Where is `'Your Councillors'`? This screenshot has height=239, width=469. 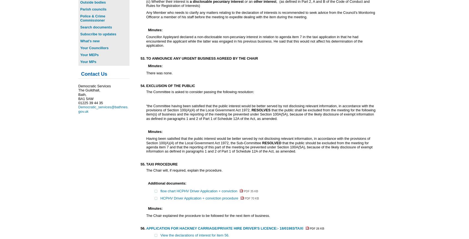 'Your Councillors' is located at coordinates (94, 47).